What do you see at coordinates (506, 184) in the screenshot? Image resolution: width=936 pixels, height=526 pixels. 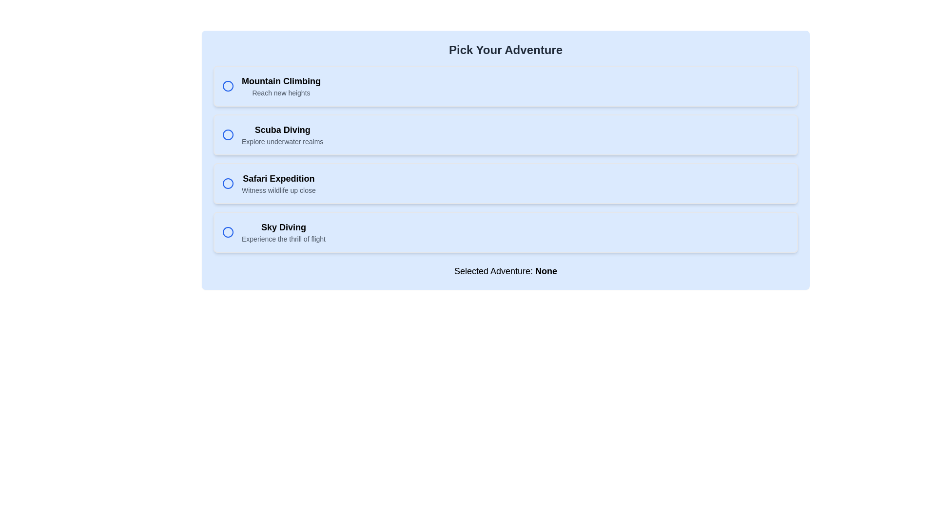 I see `to select the 'Safari Expedition' option from the horizontally aligned selectable list item with a light blue background and rounded corners, containing the title 'Safari Expedition' and subtitle 'Witness wildlife up close'` at bounding box center [506, 184].